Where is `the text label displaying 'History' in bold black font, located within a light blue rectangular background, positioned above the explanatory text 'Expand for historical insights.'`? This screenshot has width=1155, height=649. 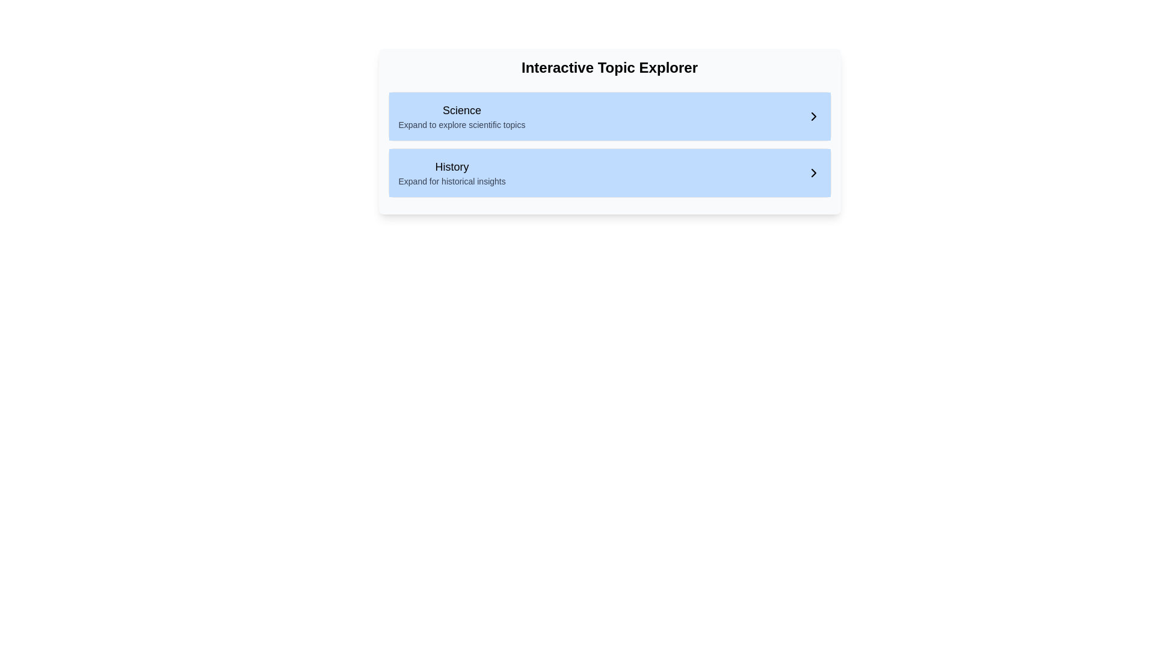
the text label displaying 'History' in bold black font, located within a light blue rectangular background, positioned above the explanatory text 'Expand for historical insights.' is located at coordinates (451, 166).